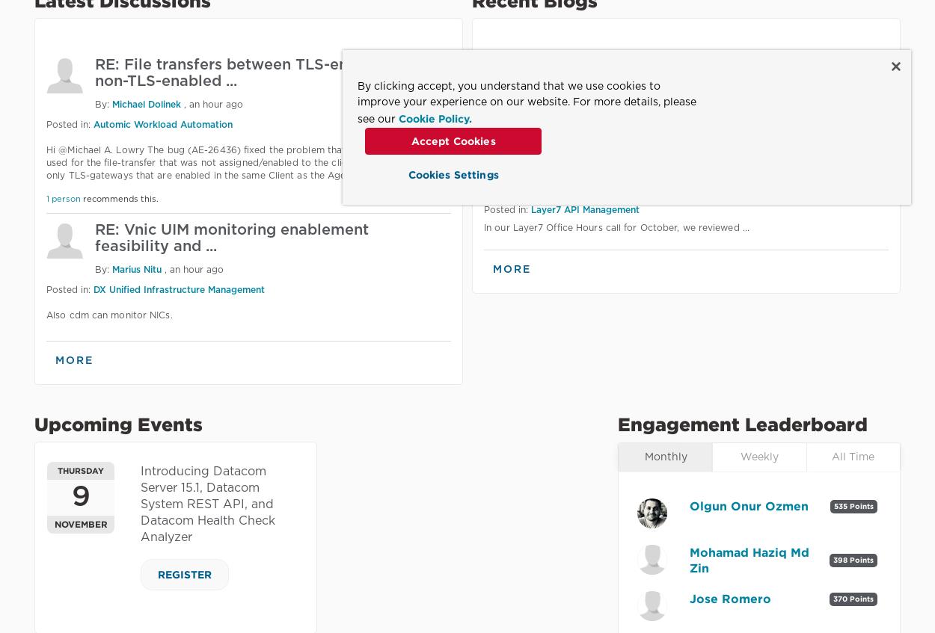  Describe the element at coordinates (46, 162) in the screenshot. I see `'Hi  @Michael A. Lowry  
 
 The bug (AE-26436) fixed the problem that a TLS-gateway was used for the file-transfer that was not assigned/enabled to the client. In v21.0.6 (and up) only TLS-gateways that are enabled in the same Client as the Agents are ...'` at that location.